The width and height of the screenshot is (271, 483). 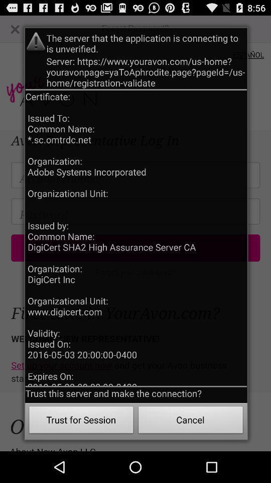 I want to click on icon at the bottom left corner, so click(x=81, y=421).